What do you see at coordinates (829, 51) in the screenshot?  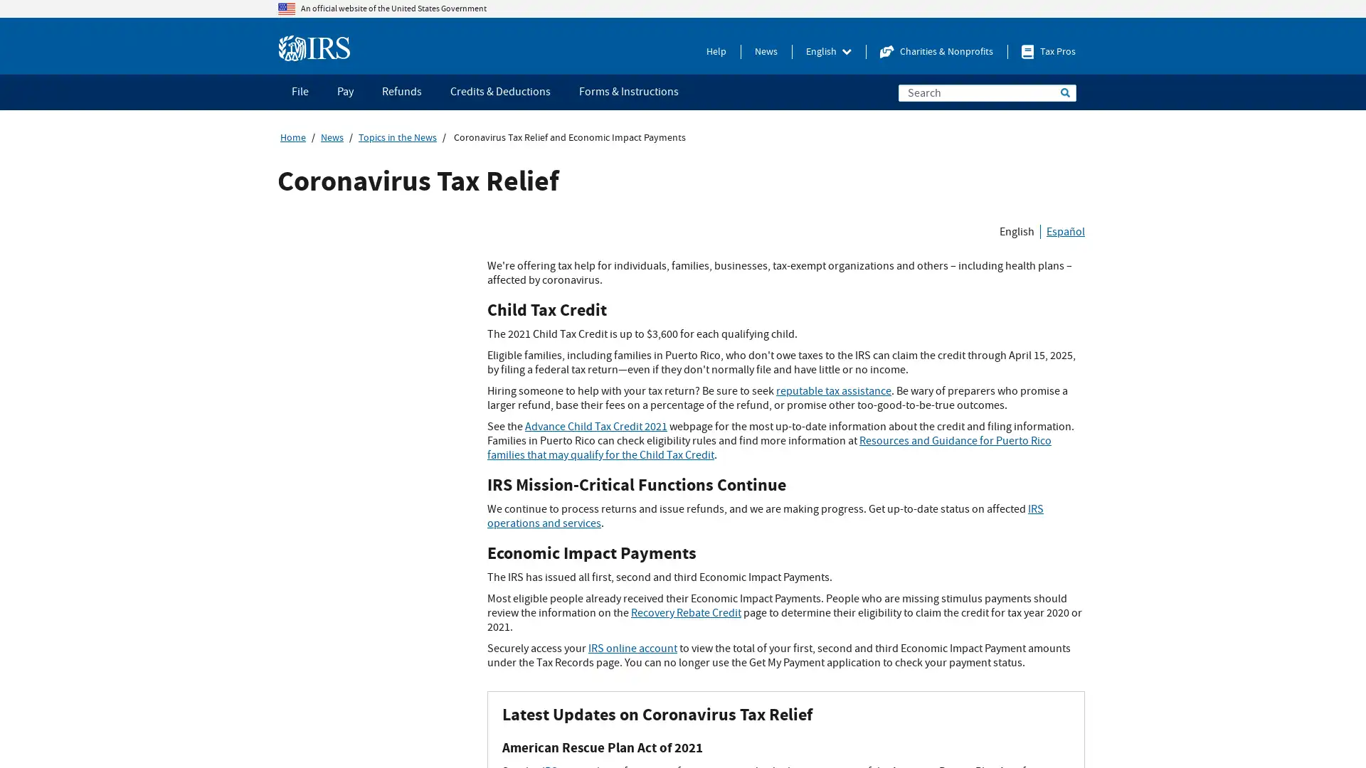 I see `Press enter to activate the menu, then navigate with the tab key.` at bounding box center [829, 51].